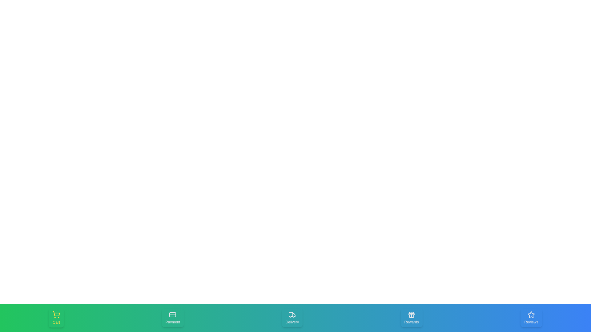 Image resolution: width=591 pixels, height=332 pixels. I want to click on the Cart navigation tab, so click(56, 318).